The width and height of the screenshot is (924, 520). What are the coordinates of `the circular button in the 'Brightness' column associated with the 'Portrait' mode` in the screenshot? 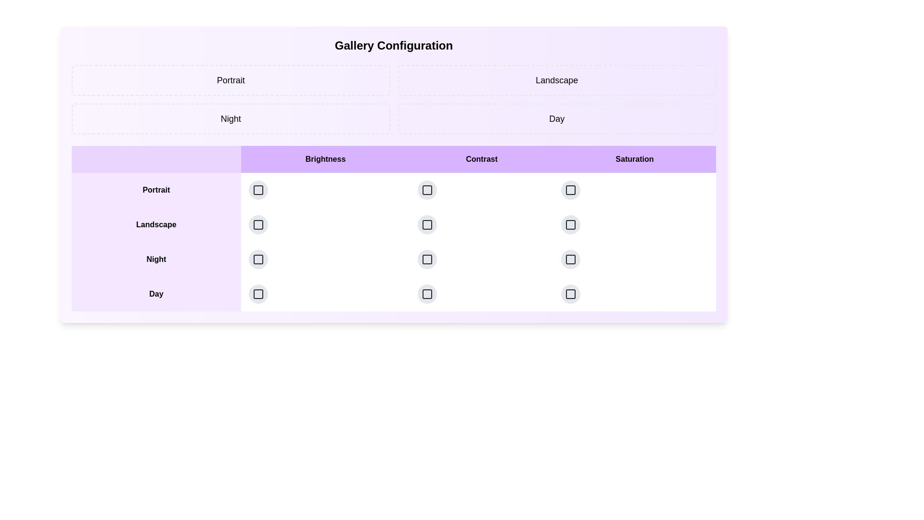 It's located at (258, 190).